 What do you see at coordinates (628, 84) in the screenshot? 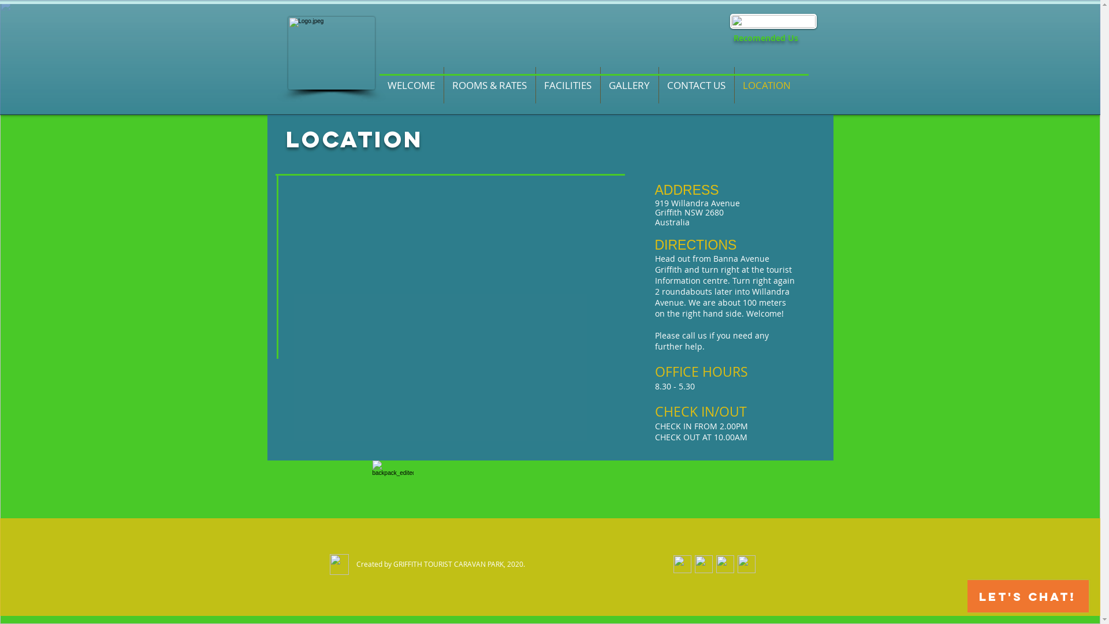
I see `'GALLERY'` at bounding box center [628, 84].